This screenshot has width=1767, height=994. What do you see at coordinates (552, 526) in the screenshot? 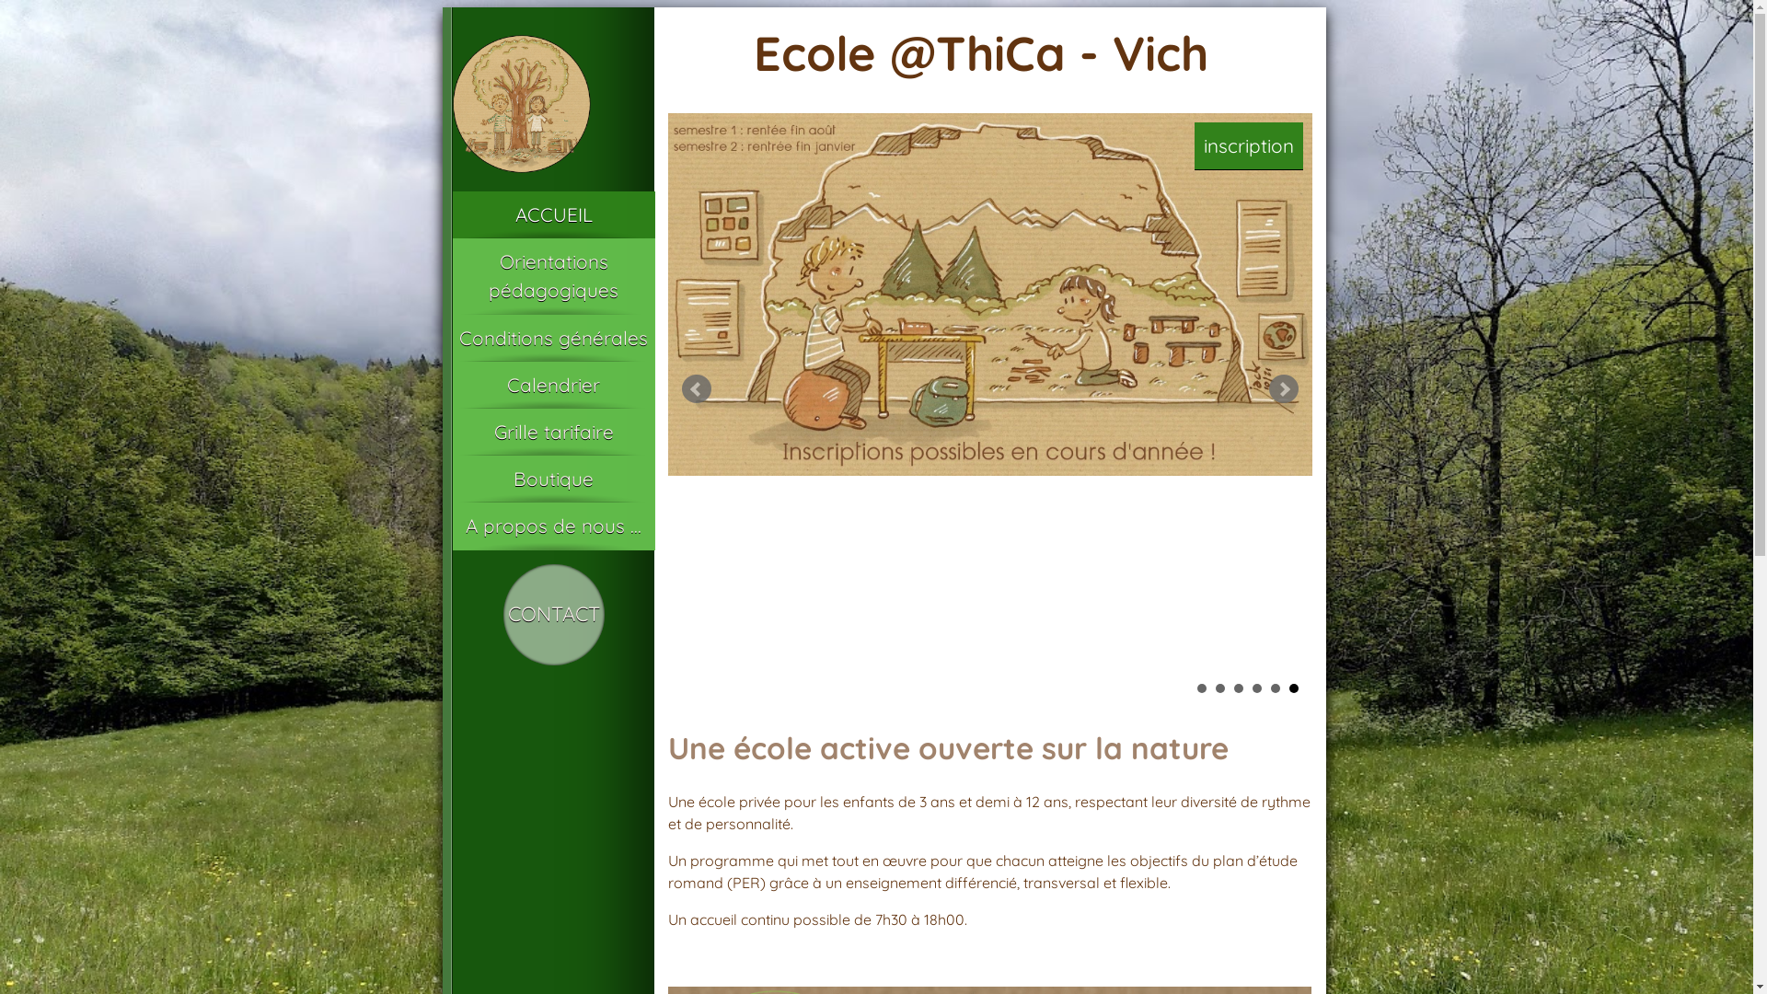
I see `'A propos de nous ...'` at bounding box center [552, 526].